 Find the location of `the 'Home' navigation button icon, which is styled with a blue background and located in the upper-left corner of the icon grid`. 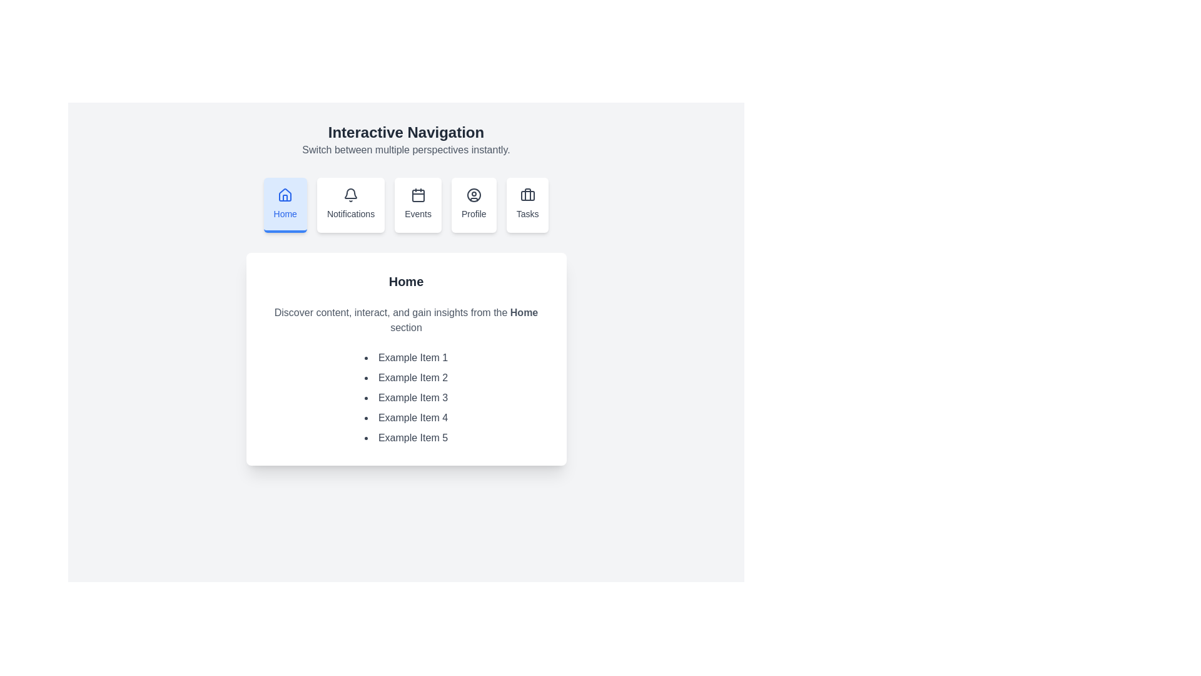

the 'Home' navigation button icon, which is styled with a blue background and located in the upper-left corner of the icon grid is located at coordinates (285, 195).